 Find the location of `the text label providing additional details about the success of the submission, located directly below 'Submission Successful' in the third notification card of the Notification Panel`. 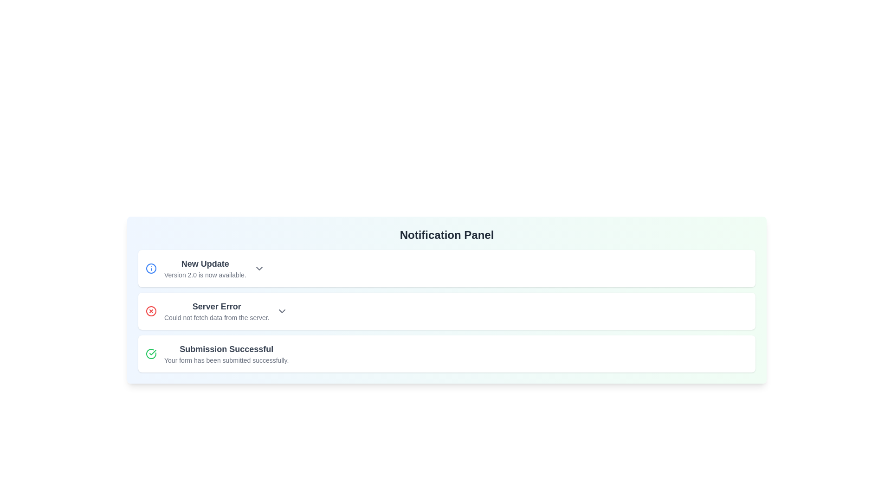

the text label providing additional details about the success of the submission, located directly below 'Submission Successful' in the third notification card of the Notification Panel is located at coordinates (226, 360).